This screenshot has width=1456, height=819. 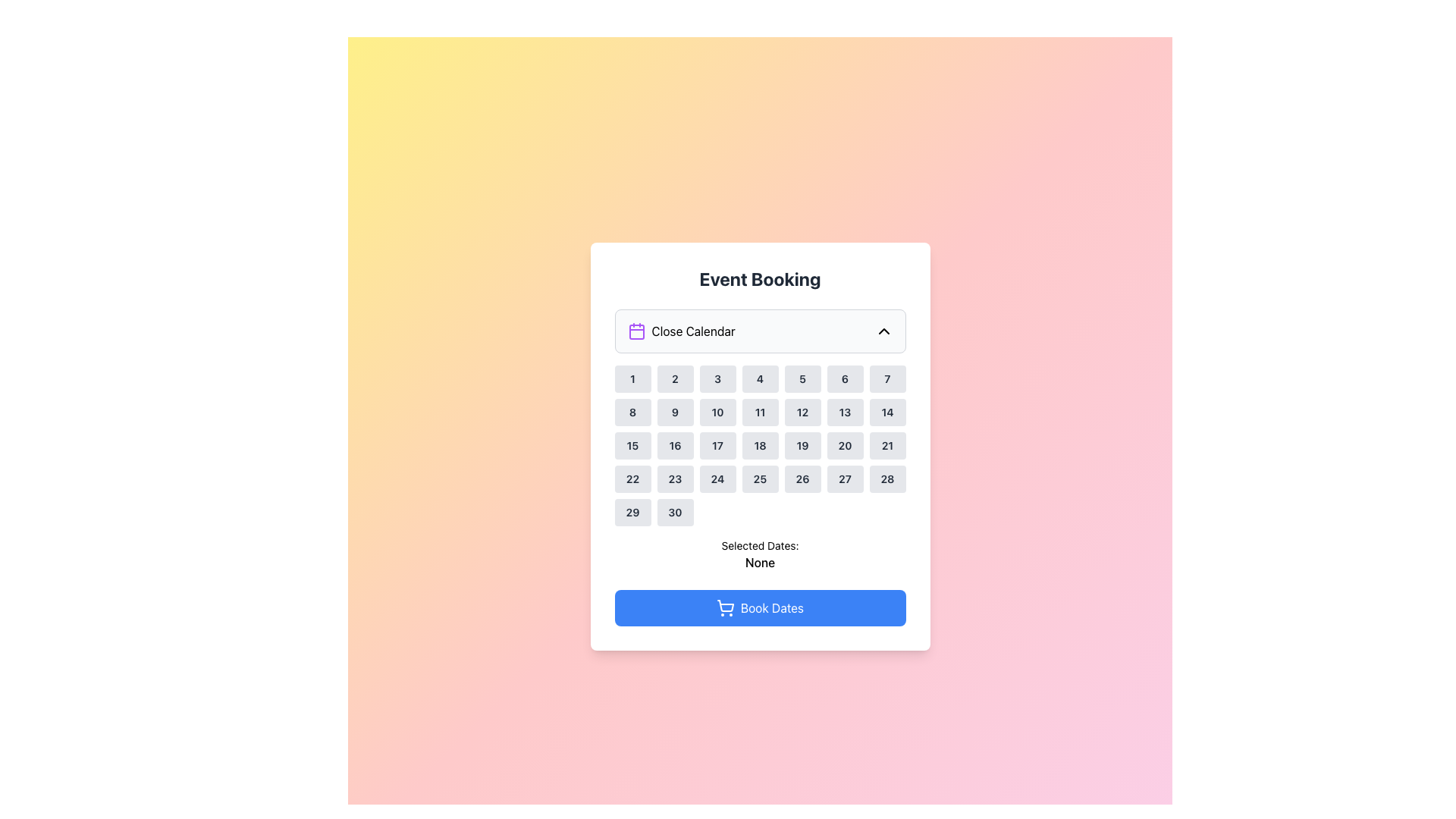 I want to click on the rectangular button labeled '20' with rounded corners, so click(x=844, y=444).